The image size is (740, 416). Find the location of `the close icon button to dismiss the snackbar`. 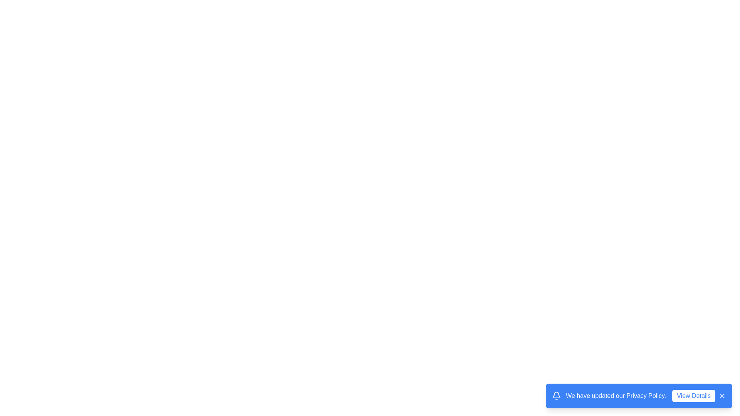

the close icon button to dismiss the snackbar is located at coordinates (721, 396).